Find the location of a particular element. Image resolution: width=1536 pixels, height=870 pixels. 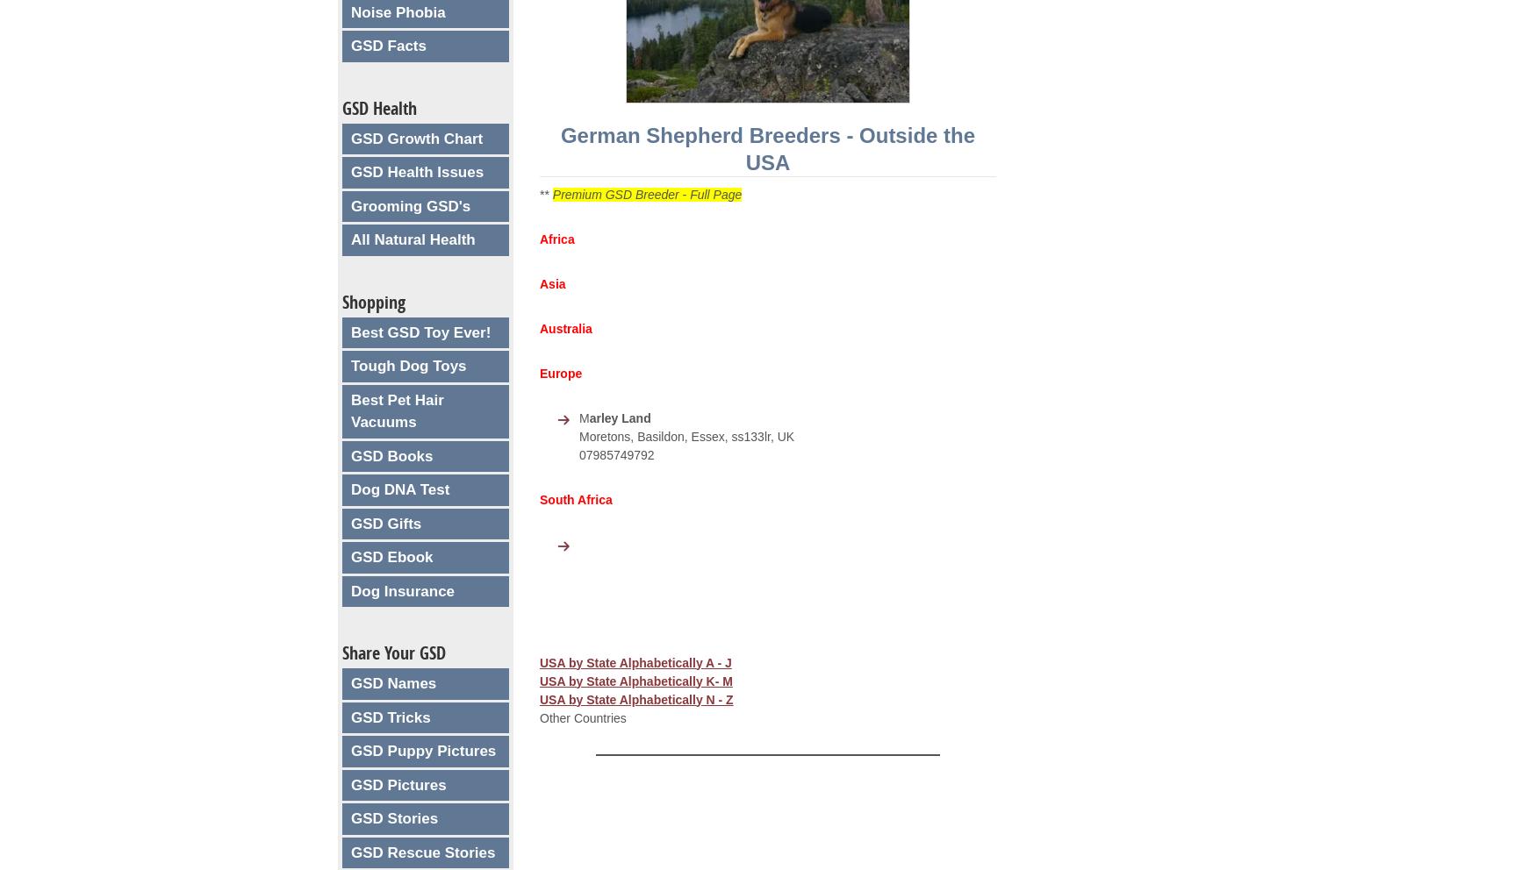

'Noise Phobia' is located at coordinates (350, 11).